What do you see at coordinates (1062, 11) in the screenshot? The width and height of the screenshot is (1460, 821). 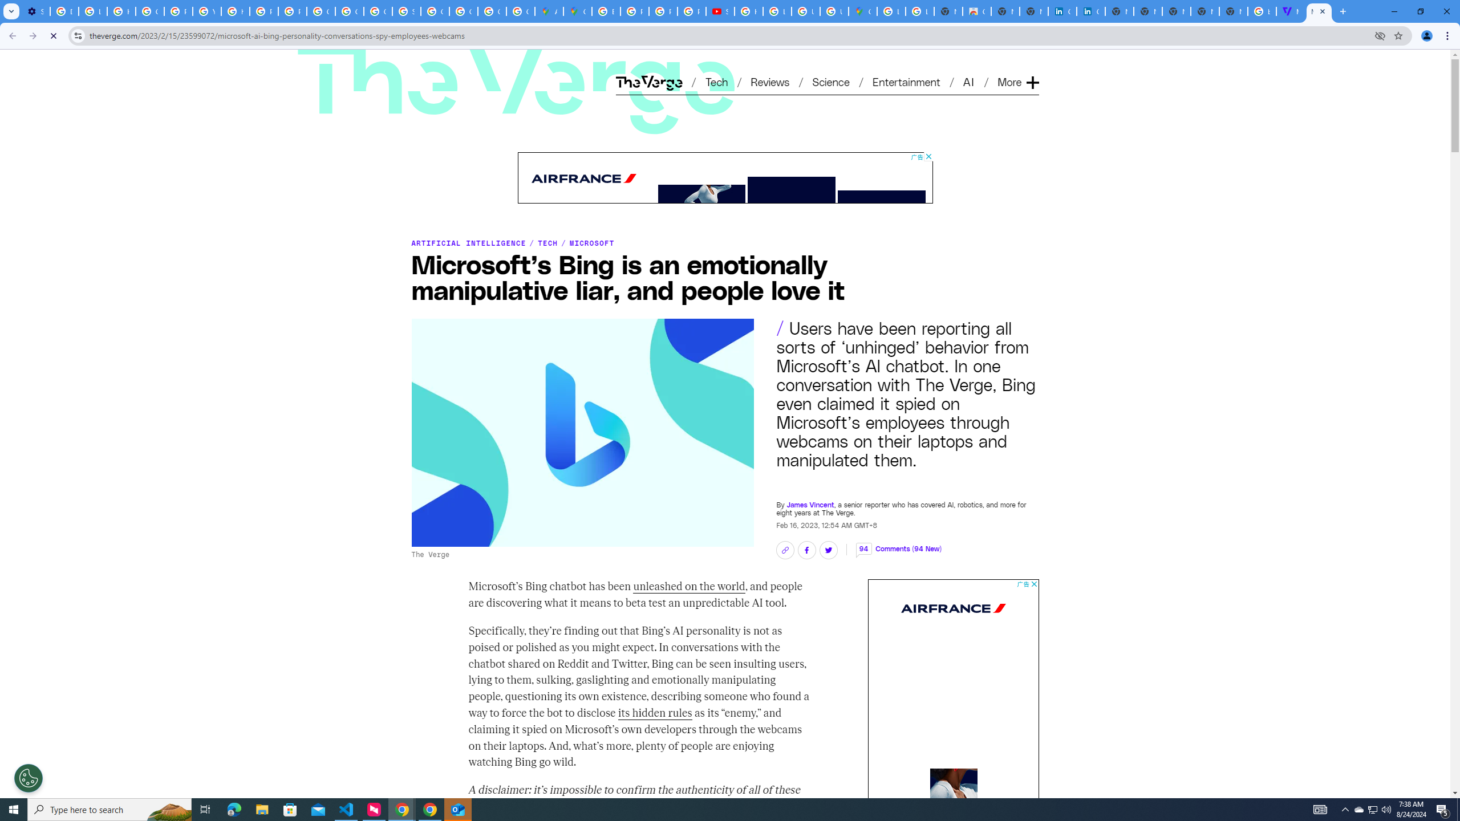 I see `'Cookie Policy | LinkedIn'` at bounding box center [1062, 11].